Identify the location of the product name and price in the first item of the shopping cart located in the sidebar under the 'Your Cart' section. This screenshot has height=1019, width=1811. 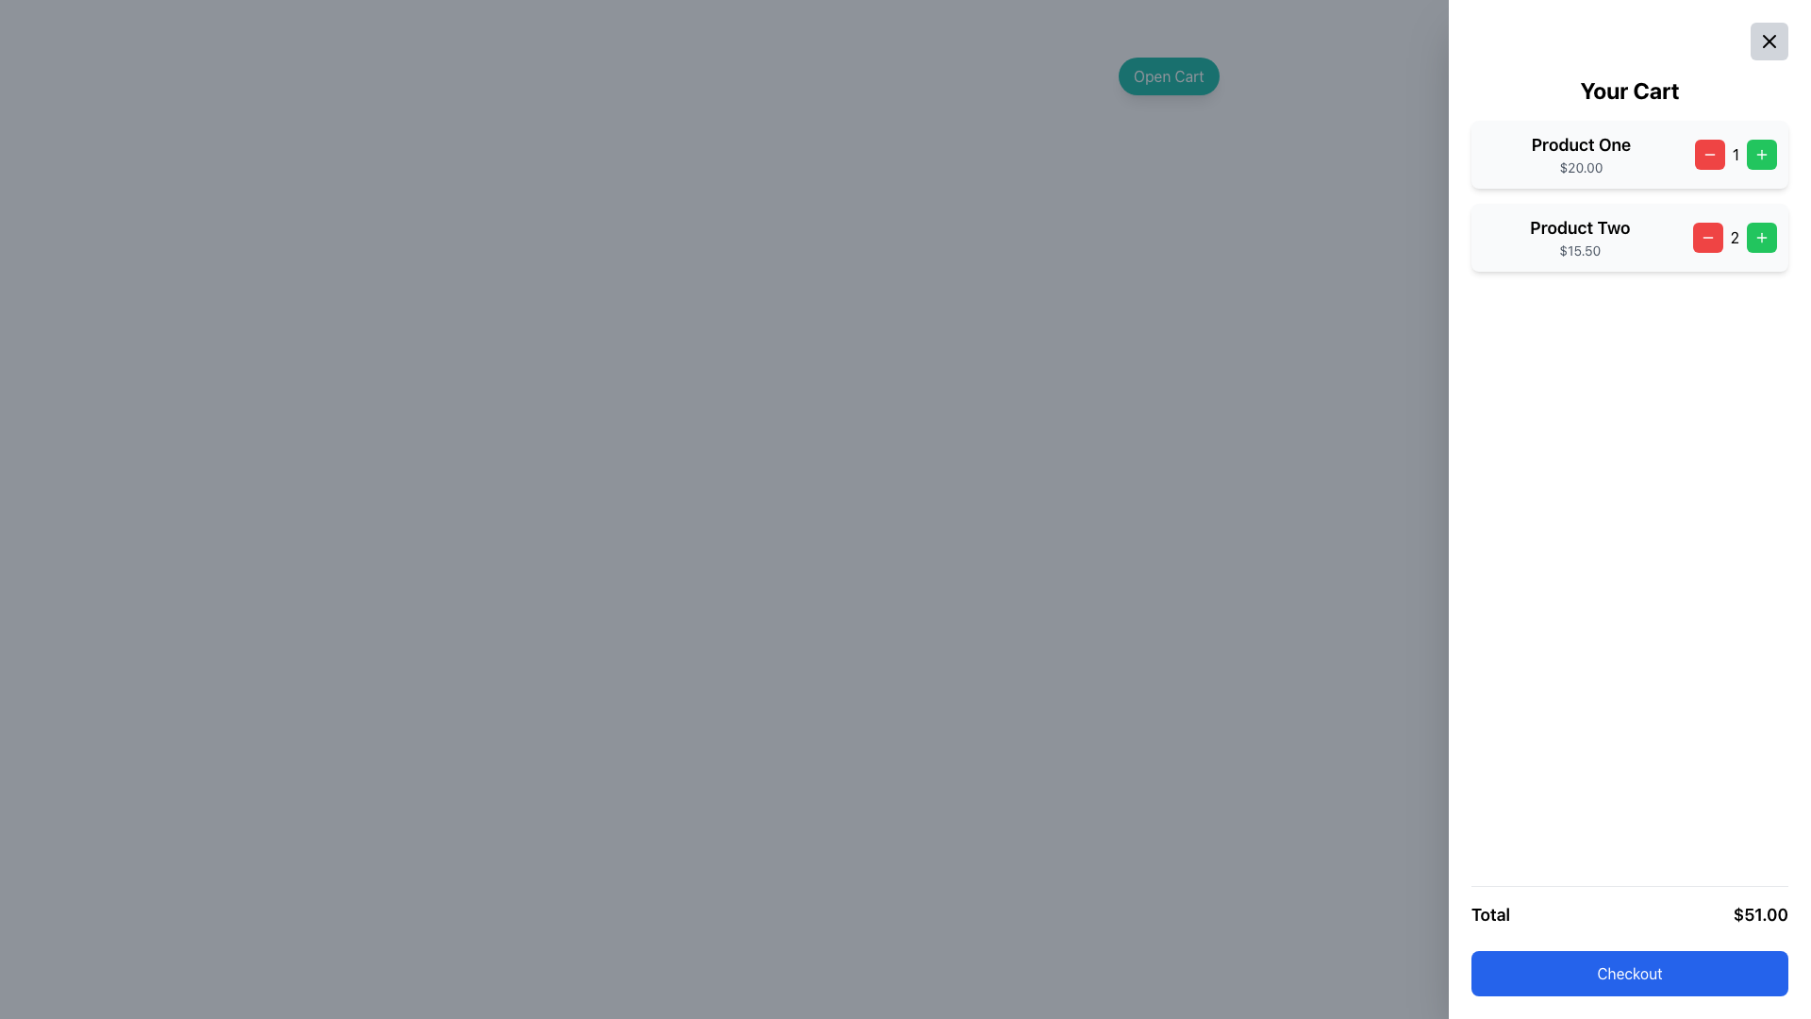
(1629, 154).